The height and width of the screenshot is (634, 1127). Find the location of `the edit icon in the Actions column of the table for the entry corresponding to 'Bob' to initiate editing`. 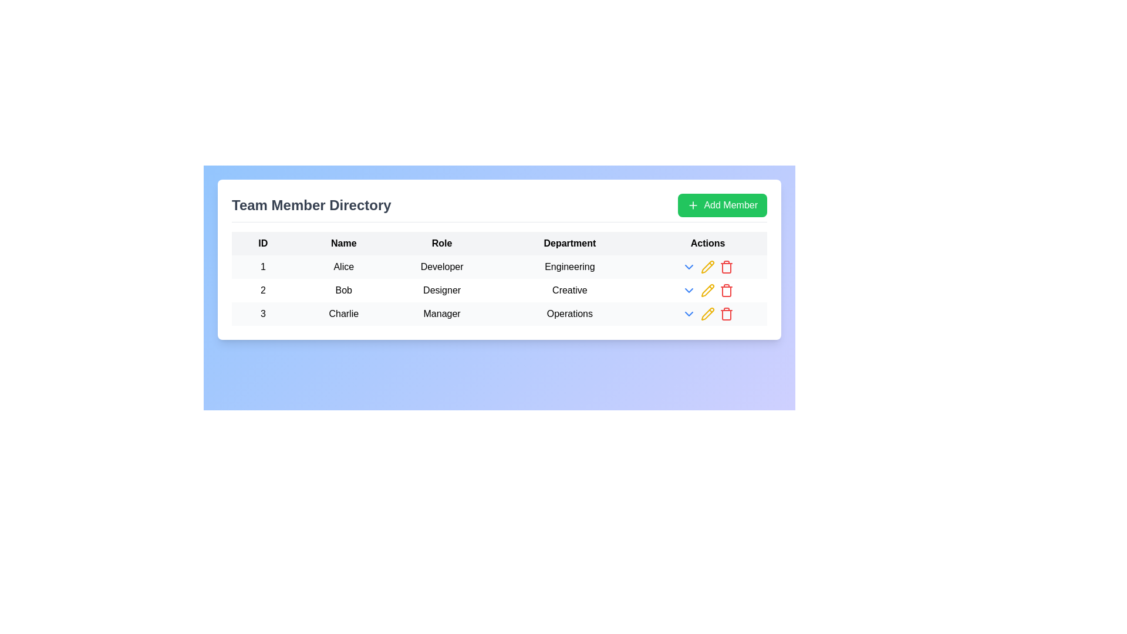

the edit icon in the Actions column of the table for the entry corresponding to 'Bob' to initiate editing is located at coordinates (707, 290).